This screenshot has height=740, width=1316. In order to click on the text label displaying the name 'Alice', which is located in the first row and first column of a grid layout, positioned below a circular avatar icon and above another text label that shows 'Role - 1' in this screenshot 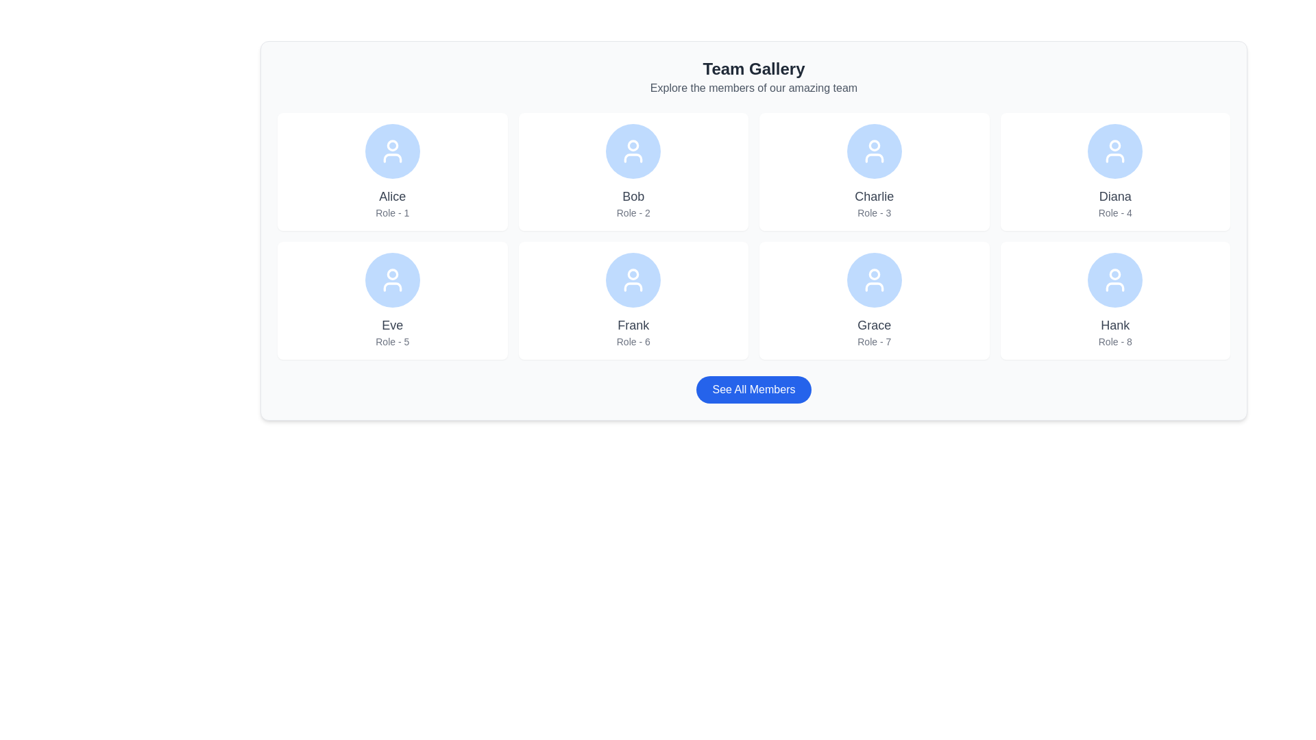, I will do `click(391, 196)`.